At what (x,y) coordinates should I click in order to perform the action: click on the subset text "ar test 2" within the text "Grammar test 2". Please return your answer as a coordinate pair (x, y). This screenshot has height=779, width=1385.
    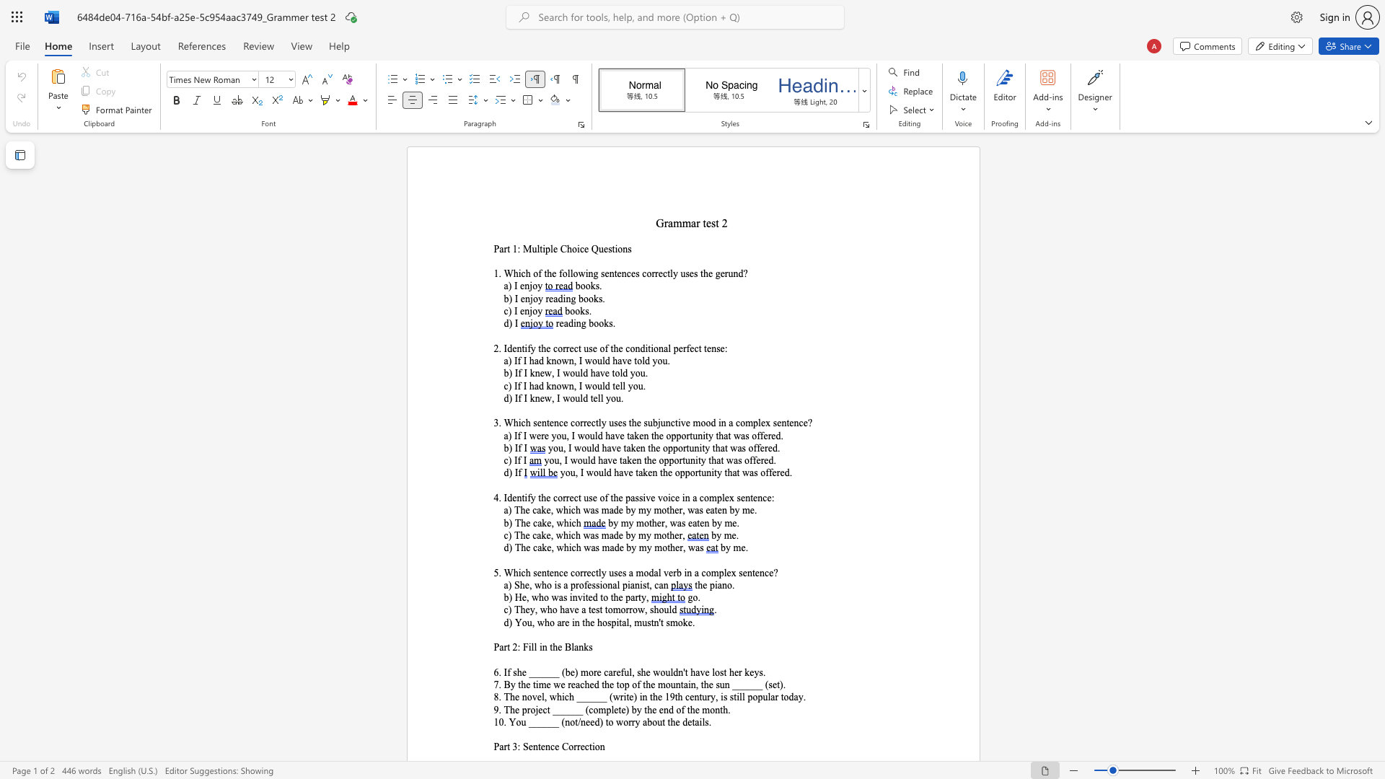
    Looking at the image, I should click on (690, 223).